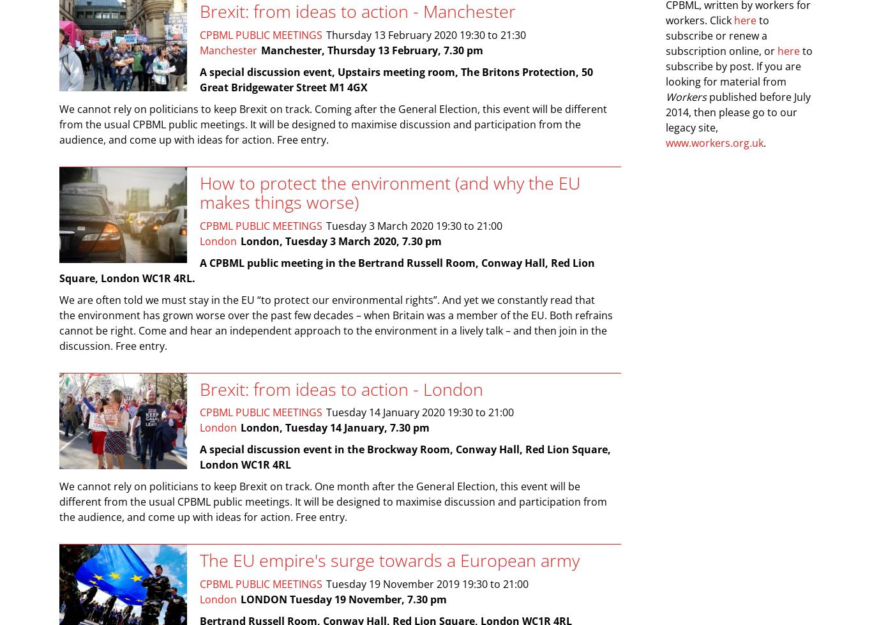  I want to click on 'The EU empire's surge towards a European army', so click(389, 559).